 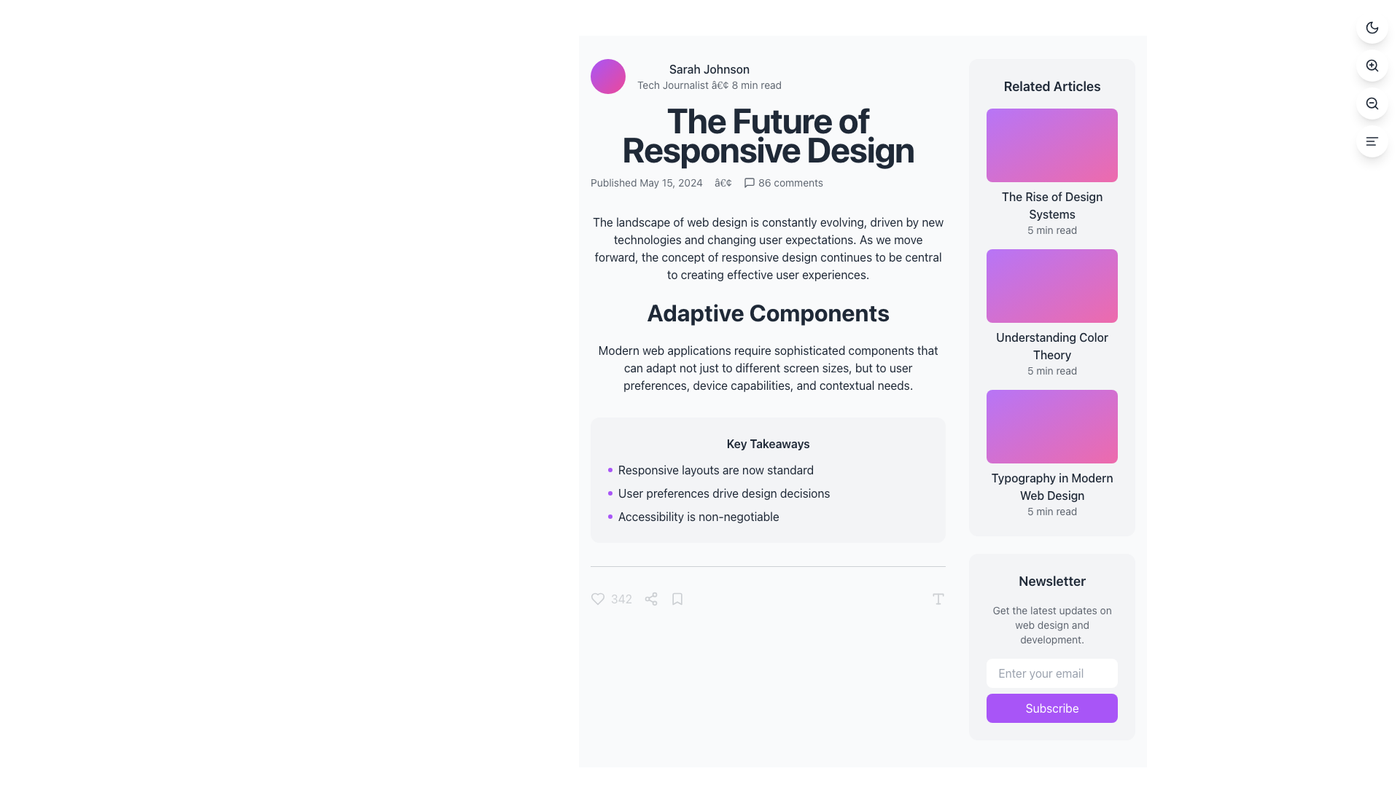 What do you see at coordinates (1052, 624) in the screenshot?
I see `the text element that reads 'Get the latest updates on web design and development,' styled in small gray text within the 'Newsletter' section` at bounding box center [1052, 624].